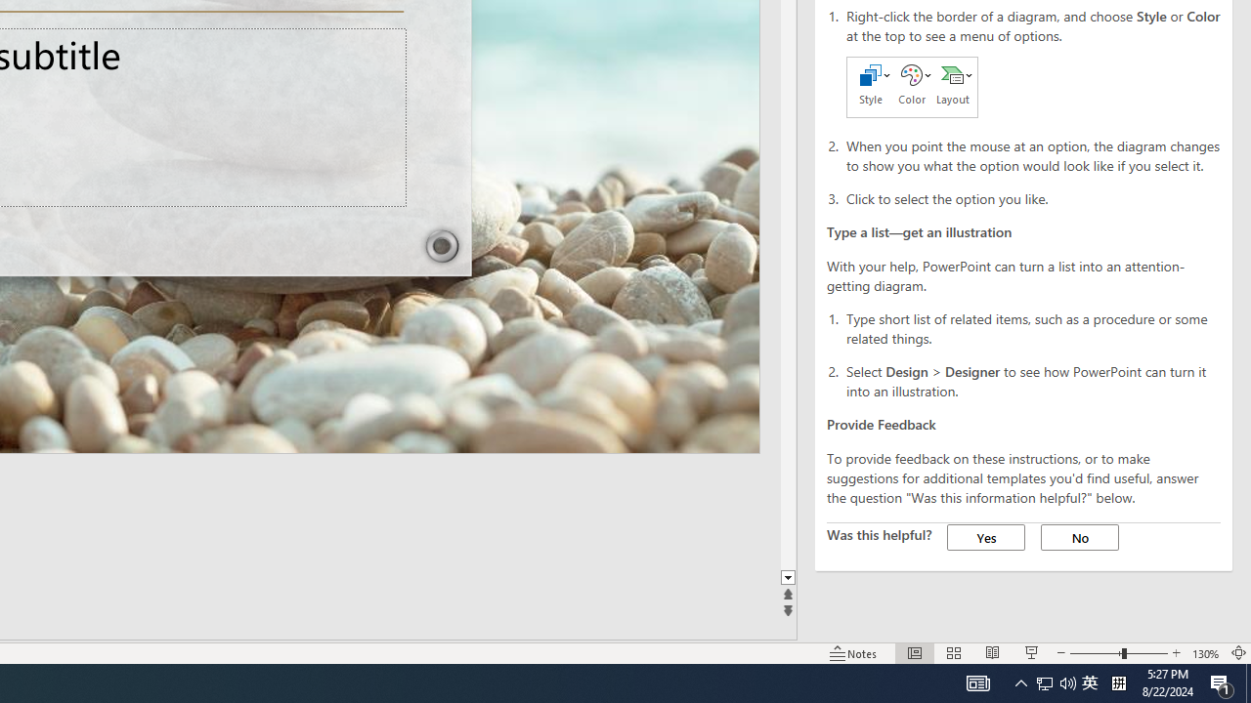 The height and width of the screenshot is (703, 1251). What do you see at coordinates (1205, 653) in the screenshot?
I see `'Zoom 130%'` at bounding box center [1205, 653].